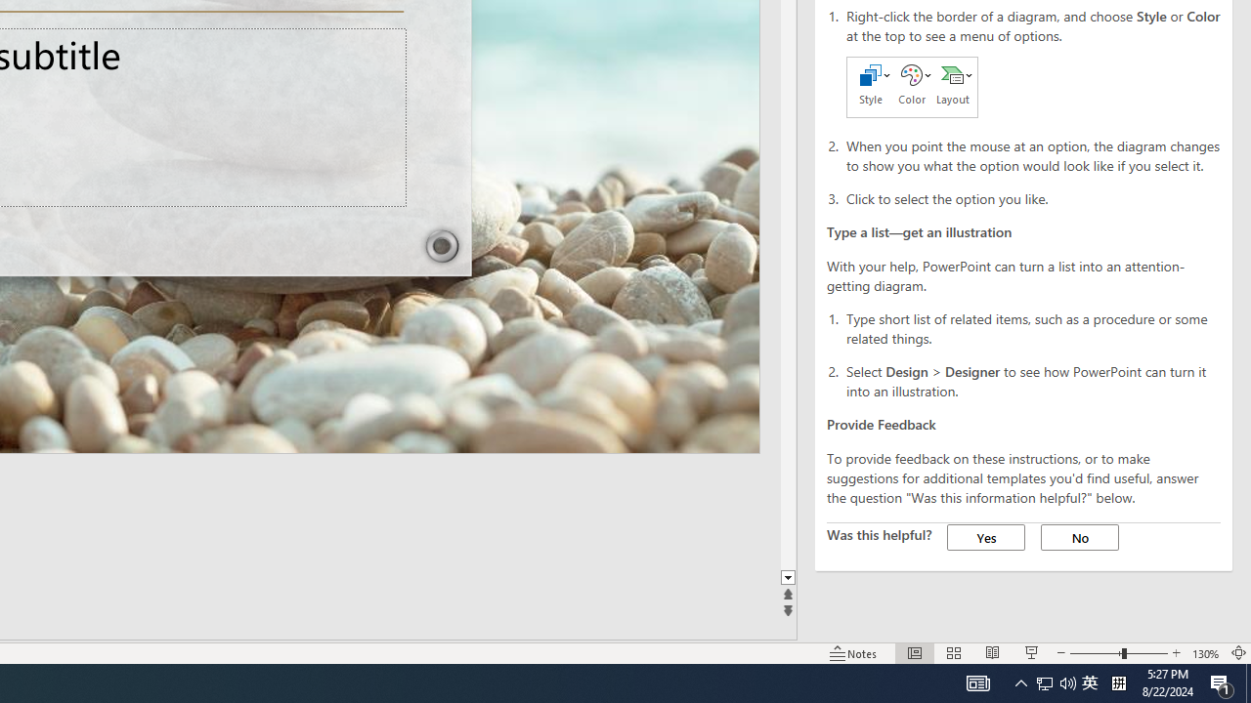 The height and width of the screenshot is (703, 1251). What do you see at coordinates (1205, 653) in the screenshot?
I see `'Zoom 130%'` at bounding box center [1205, 653].